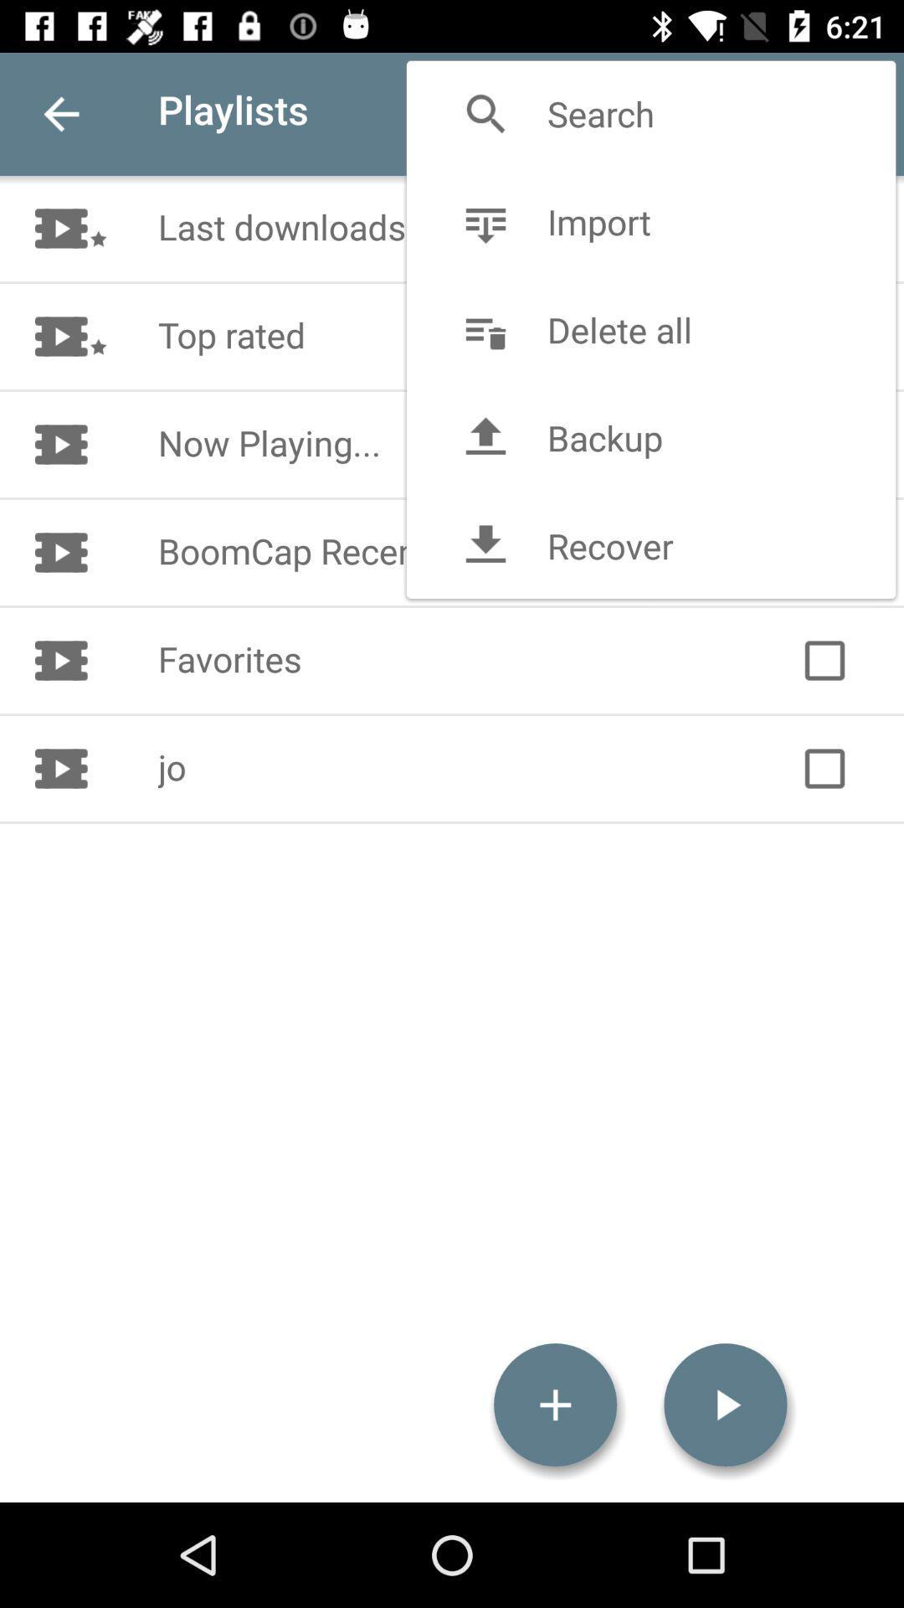  What do you see at coordinates (555, 1404) in the screenshot?
I see `the add icon` at bounding box center [555, 1404].